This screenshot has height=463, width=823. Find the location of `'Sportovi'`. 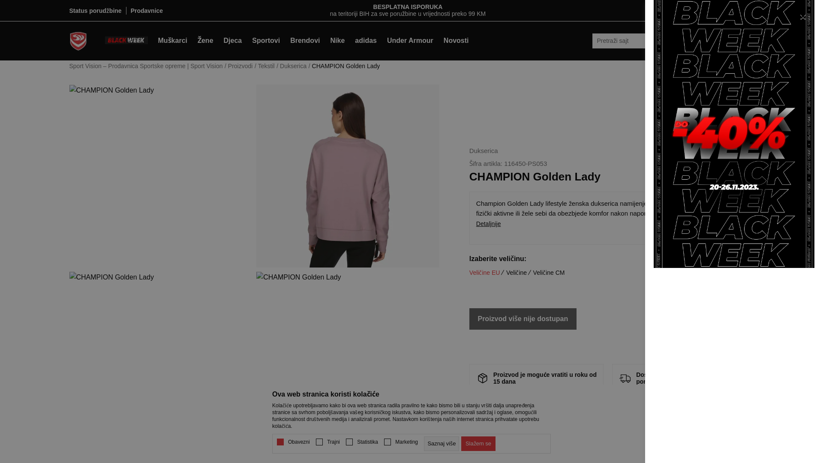

'Sportovi' is located at coordinates (265, 41).